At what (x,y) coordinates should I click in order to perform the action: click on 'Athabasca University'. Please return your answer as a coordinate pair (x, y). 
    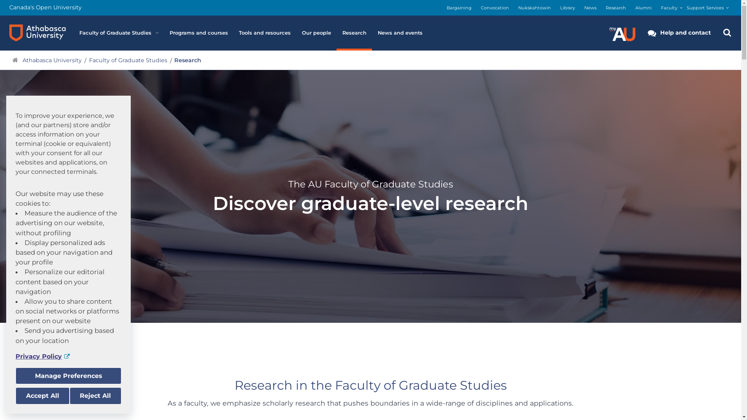
    Looking at the image, I should click on (52, 59).